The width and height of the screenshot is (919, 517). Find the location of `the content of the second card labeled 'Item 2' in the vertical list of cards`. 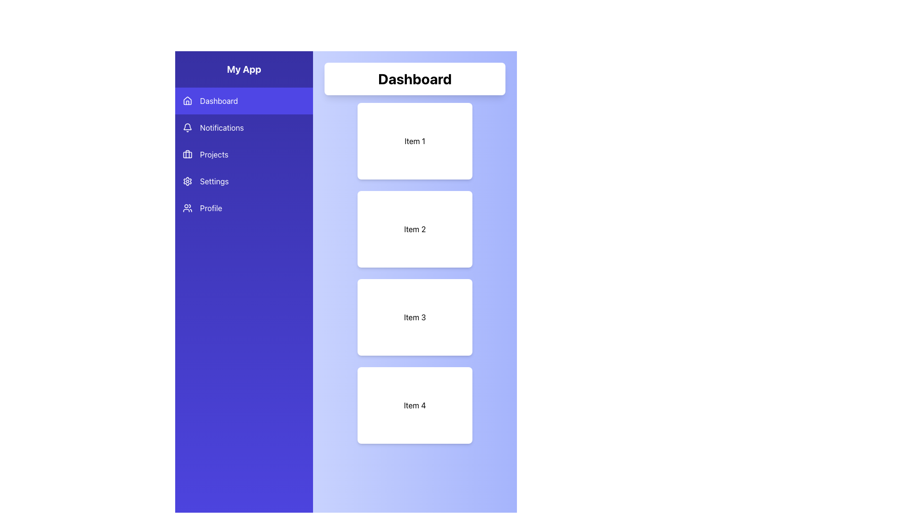

the content of the second card labeled 'Item 2' in the vertical list of cards is located at coordinates (415, 229).